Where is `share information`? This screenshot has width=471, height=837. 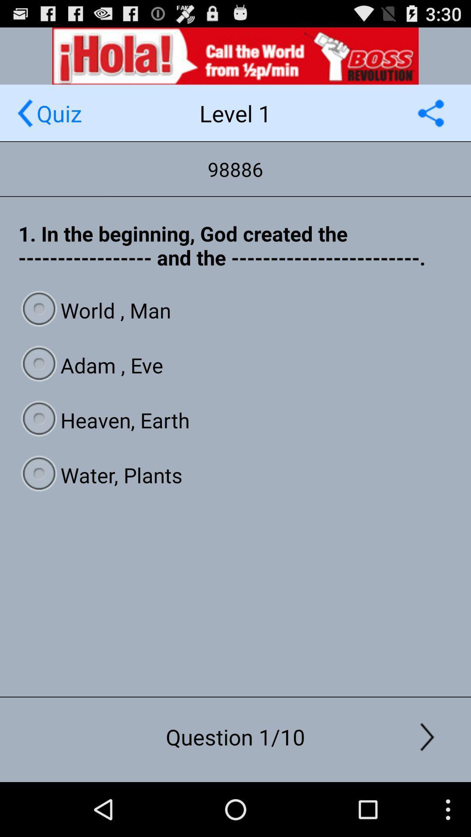 share information is located at coordinates (430, 112).